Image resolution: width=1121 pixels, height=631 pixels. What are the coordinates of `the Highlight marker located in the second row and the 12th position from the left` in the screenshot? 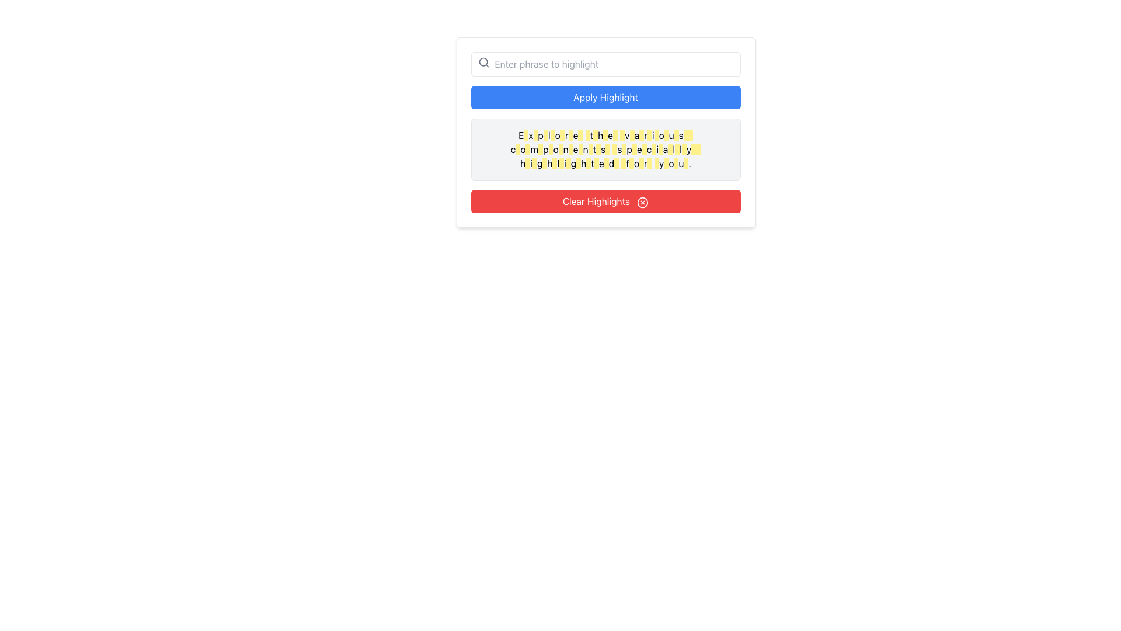 It's located at (614, 148).